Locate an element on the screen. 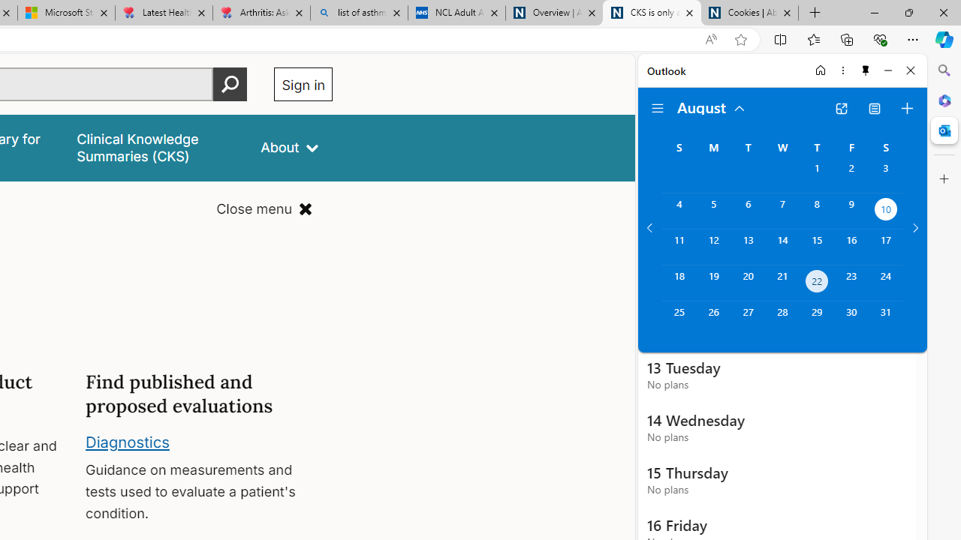 The width and height of the screenshot is (961, 540). 'Tuesday, August 20, 2024. ' is located at coordinates (748, 283).